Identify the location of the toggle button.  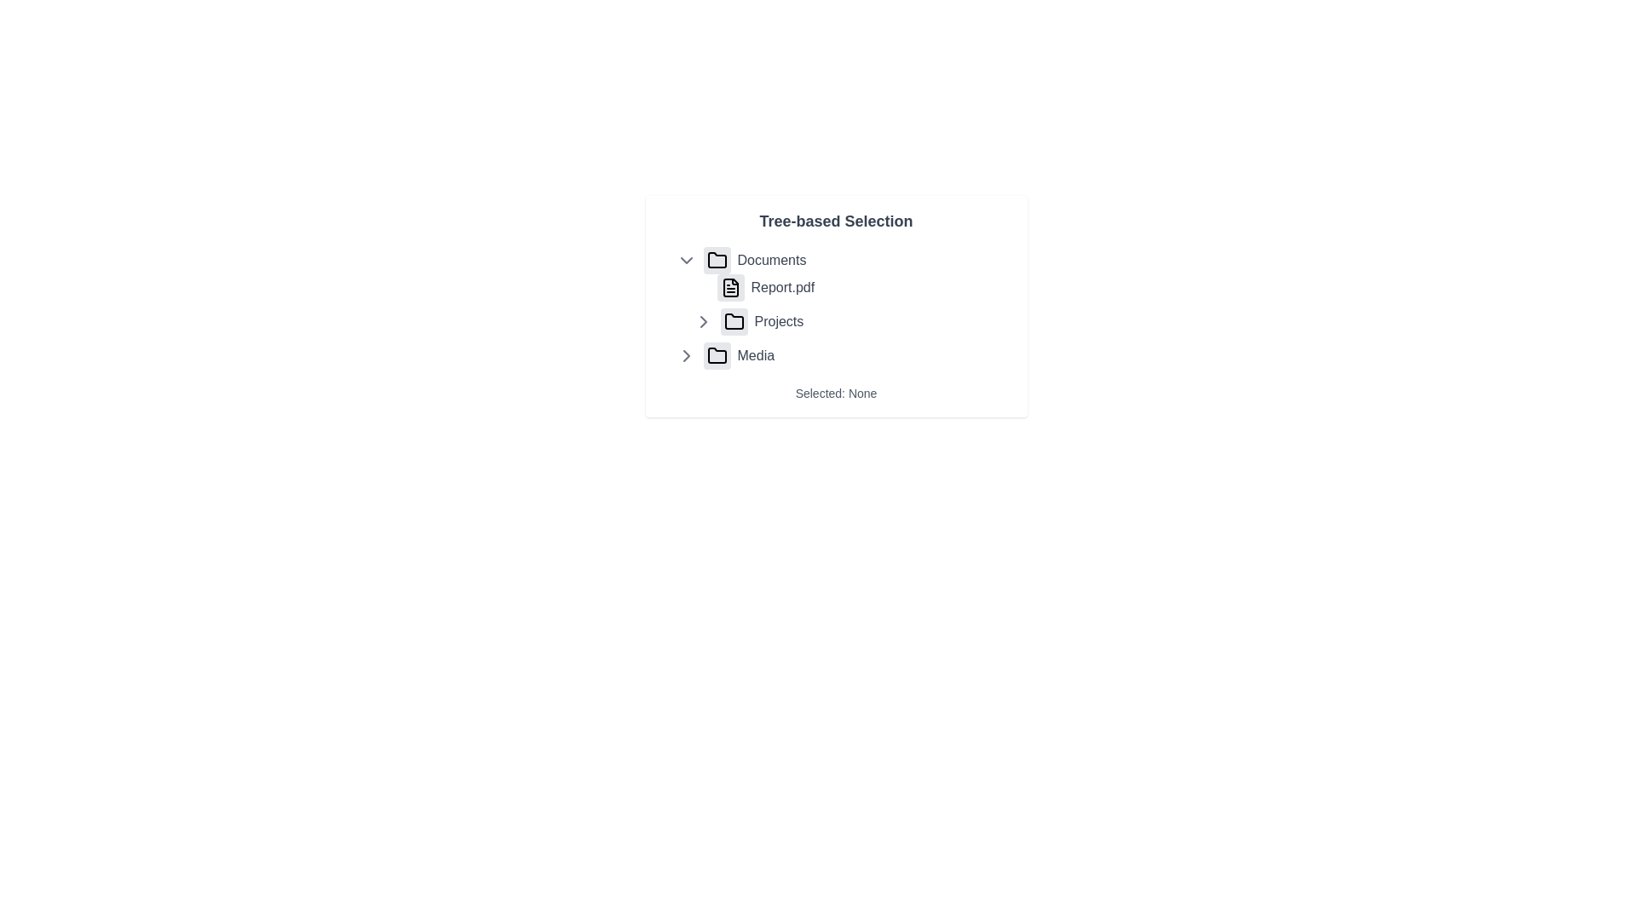
(703, 322).